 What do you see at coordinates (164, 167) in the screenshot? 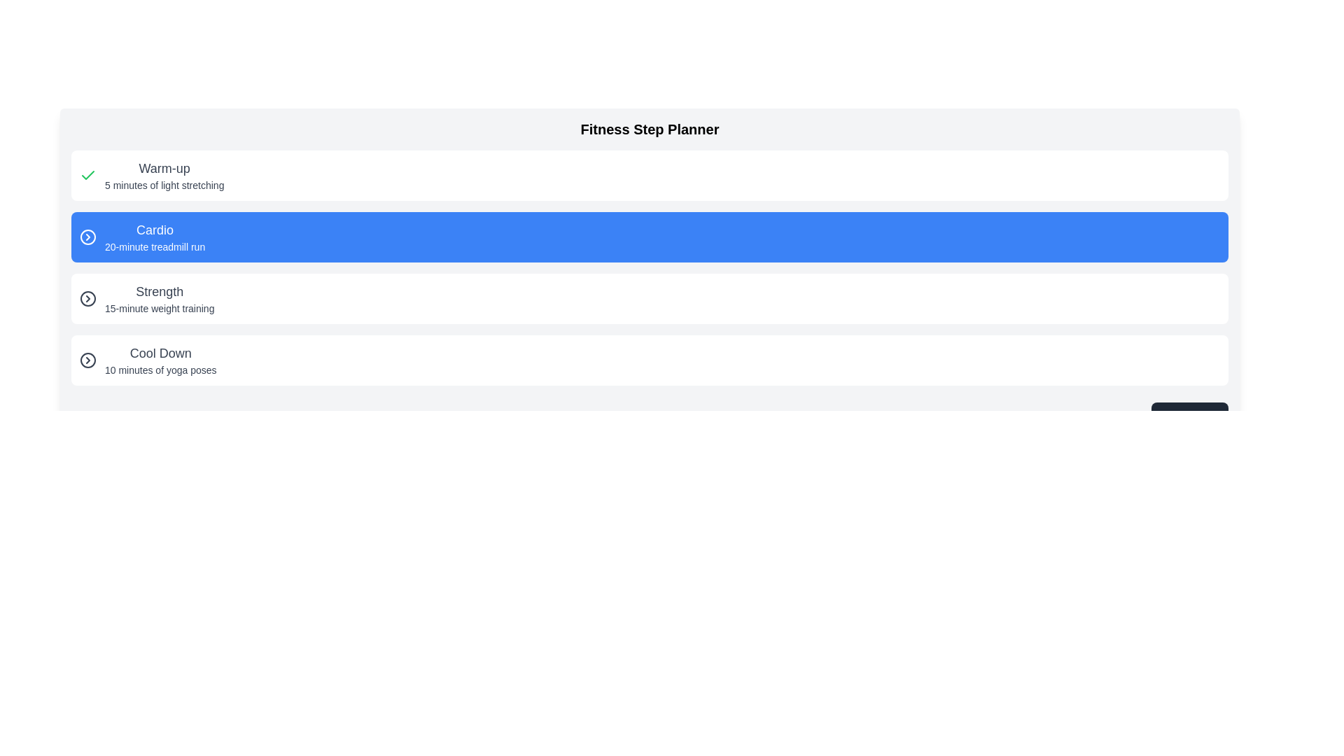
I see `the Text label or heading that provides the title for the 'Warm-up' activity, positioned at the top left of the interface` at bounding box center [164, 167].